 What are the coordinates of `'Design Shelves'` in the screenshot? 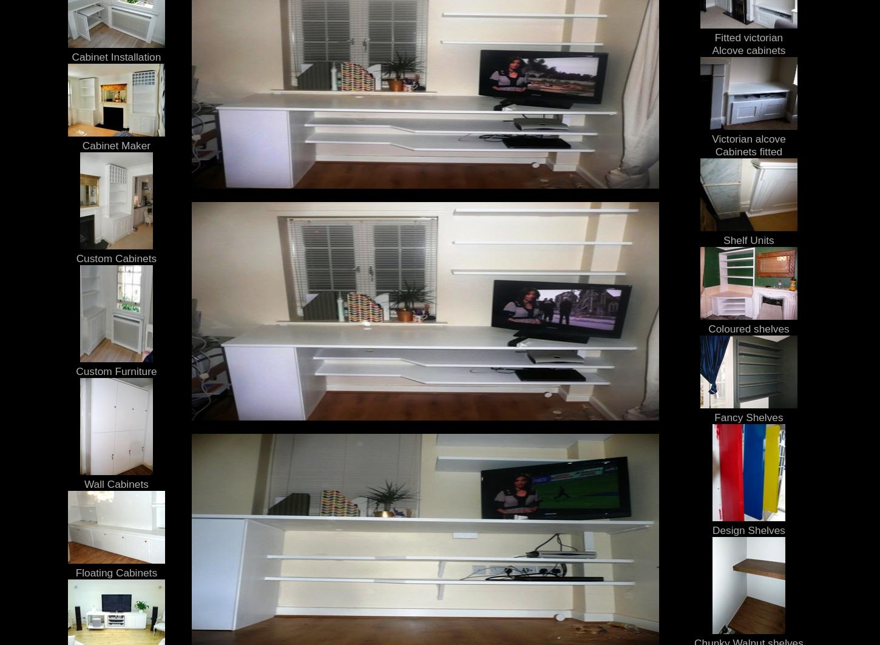 It's located at (748, 529).